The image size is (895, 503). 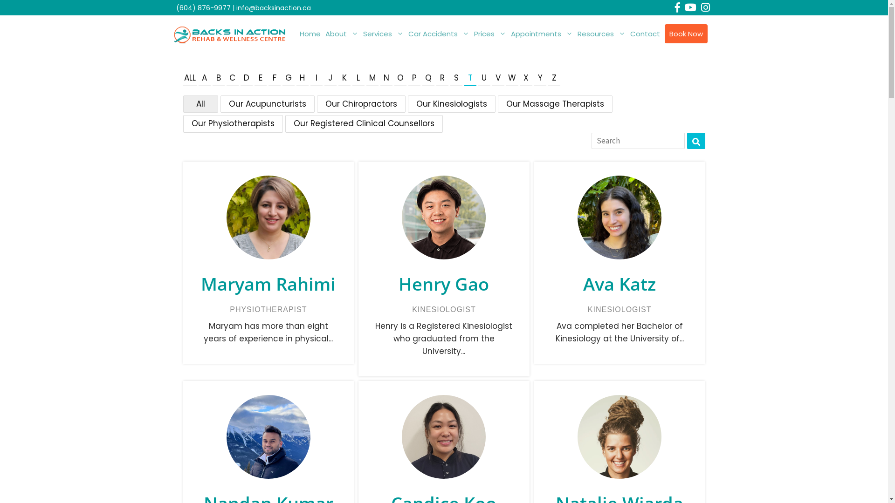 I want to click on 'C', so click(x=233, y=78).